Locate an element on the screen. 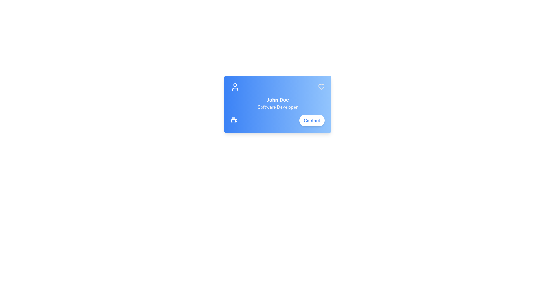  the 'Like' button located in the top-right corner of the profile card to like the profile is located at coordinates (321, 87).